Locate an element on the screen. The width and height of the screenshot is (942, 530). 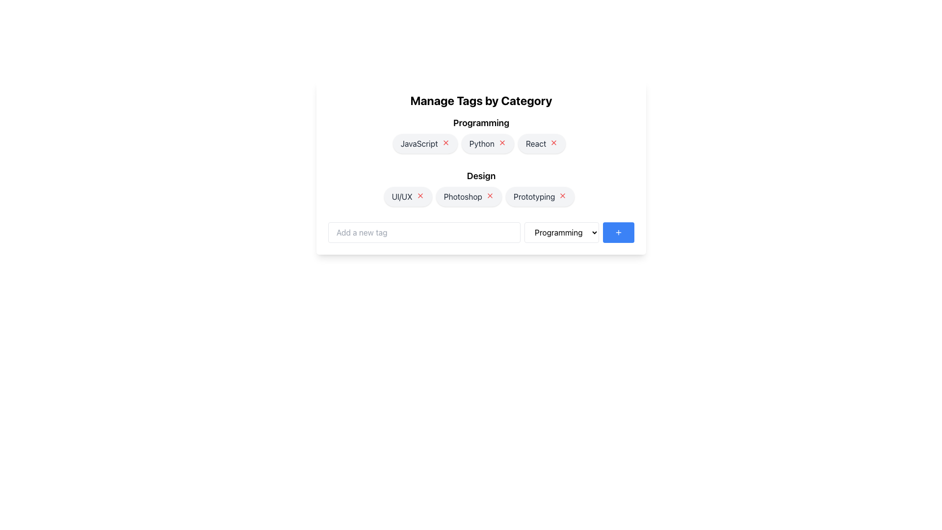
the 'Photoshop' tag with a remove button is located at coordinates (468, 197).